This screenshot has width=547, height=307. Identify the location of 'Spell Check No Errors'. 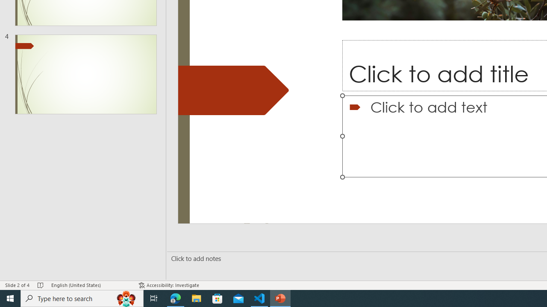
(41, 285).